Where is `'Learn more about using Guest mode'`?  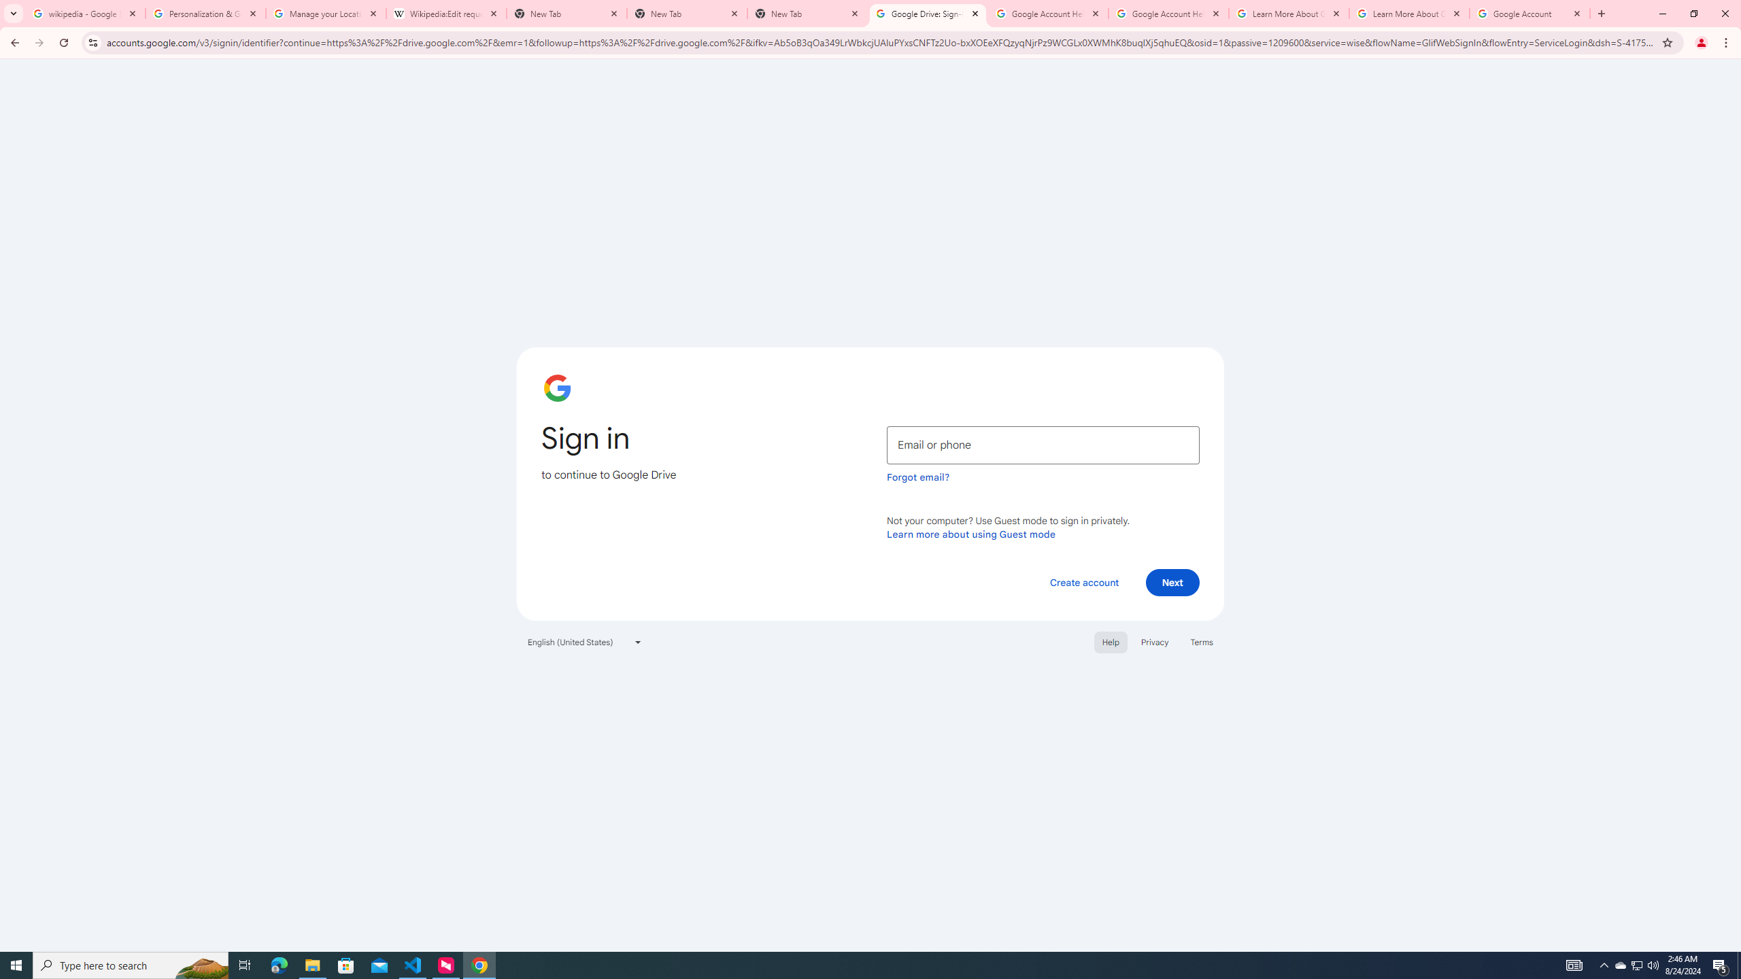 'Learn more about using Guest mode' is located at coordinates (970, 534).